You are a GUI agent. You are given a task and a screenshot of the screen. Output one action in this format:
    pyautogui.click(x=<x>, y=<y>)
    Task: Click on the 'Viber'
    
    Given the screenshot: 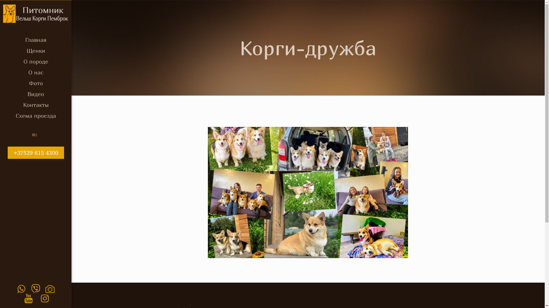 What is the action you would take?
    pyautogui.click(x=31, y=288)
    